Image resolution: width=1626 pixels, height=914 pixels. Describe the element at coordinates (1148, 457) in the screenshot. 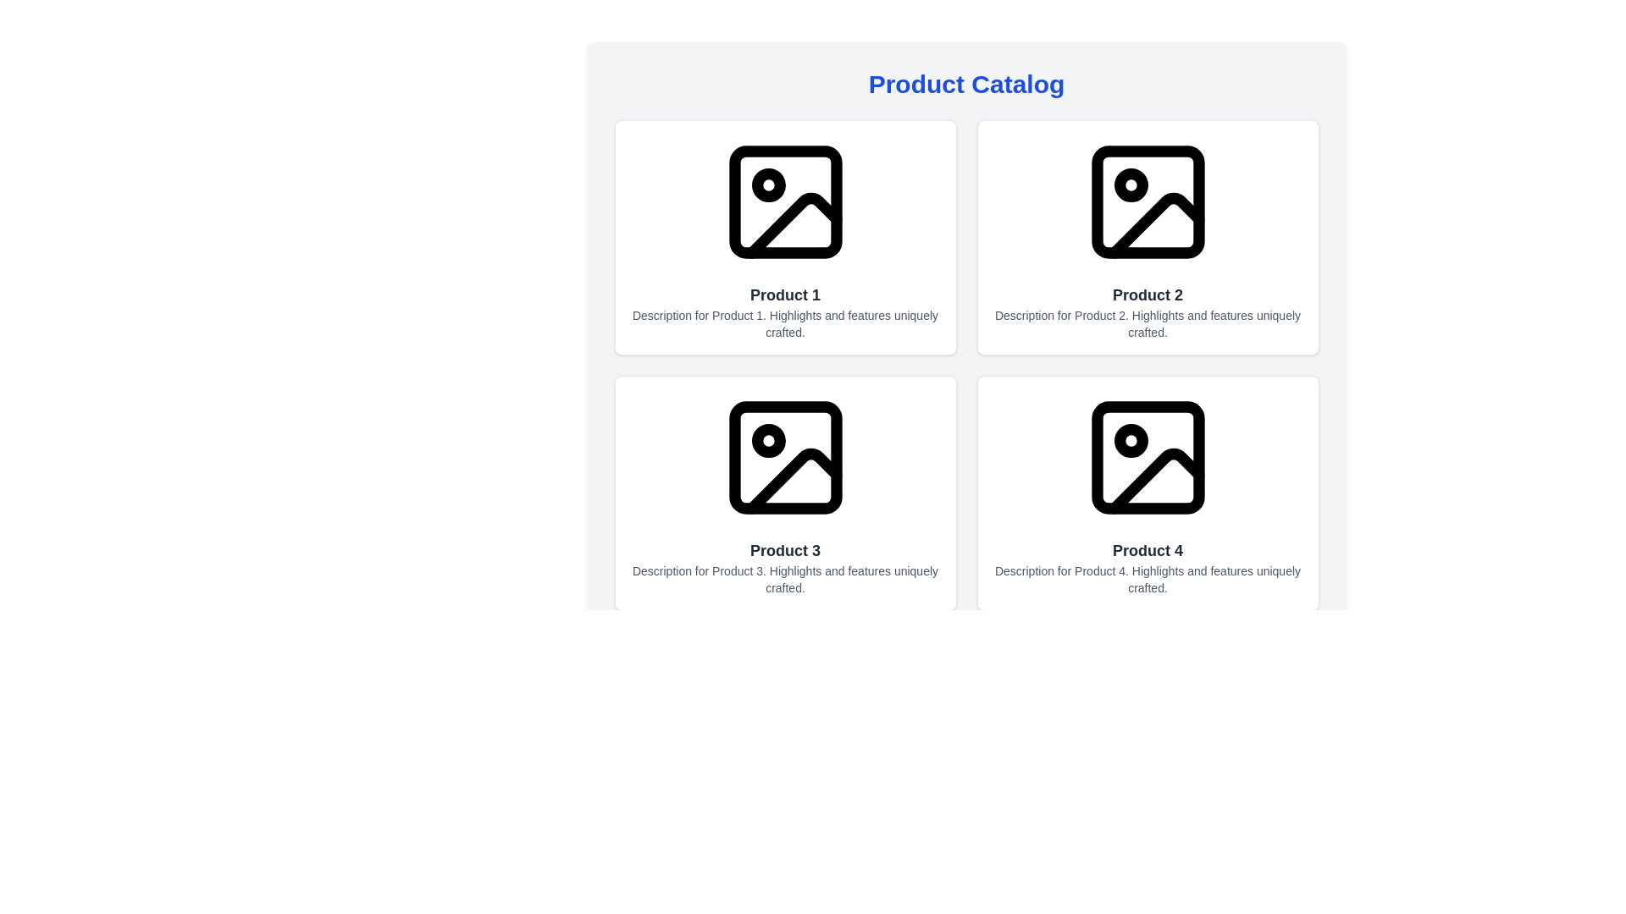

I see `the Image placeholder icon (SVG graphic) for 'Product 4' located above its title and description` at that location.